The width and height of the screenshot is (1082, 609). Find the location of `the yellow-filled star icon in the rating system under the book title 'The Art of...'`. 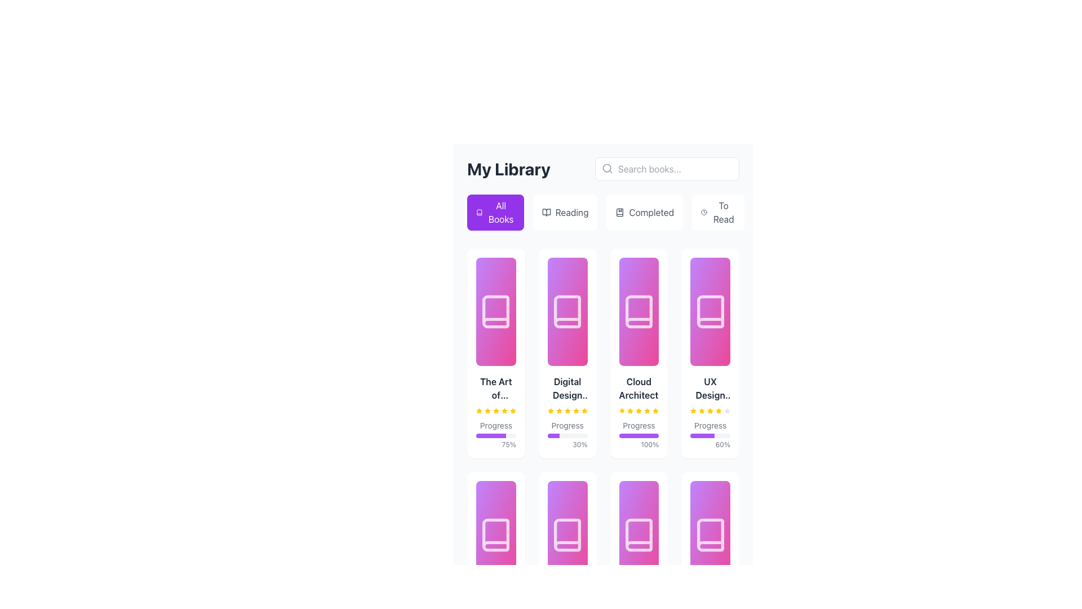

the yellow-filled star icon in the rating system under the book title 'The Art of...' is located at coordinates (512, 411).